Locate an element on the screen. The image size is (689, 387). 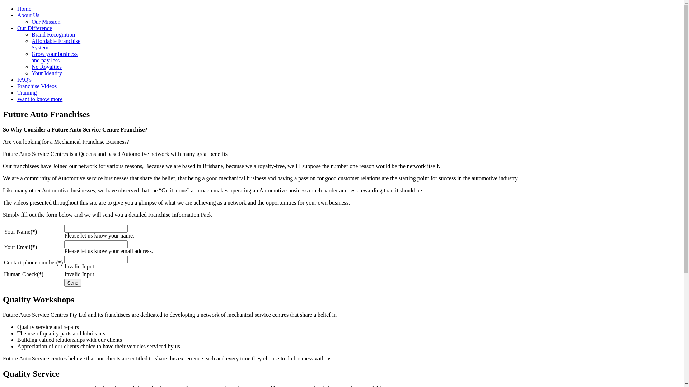
'No Royalties' is located at coordinates (46, 67).